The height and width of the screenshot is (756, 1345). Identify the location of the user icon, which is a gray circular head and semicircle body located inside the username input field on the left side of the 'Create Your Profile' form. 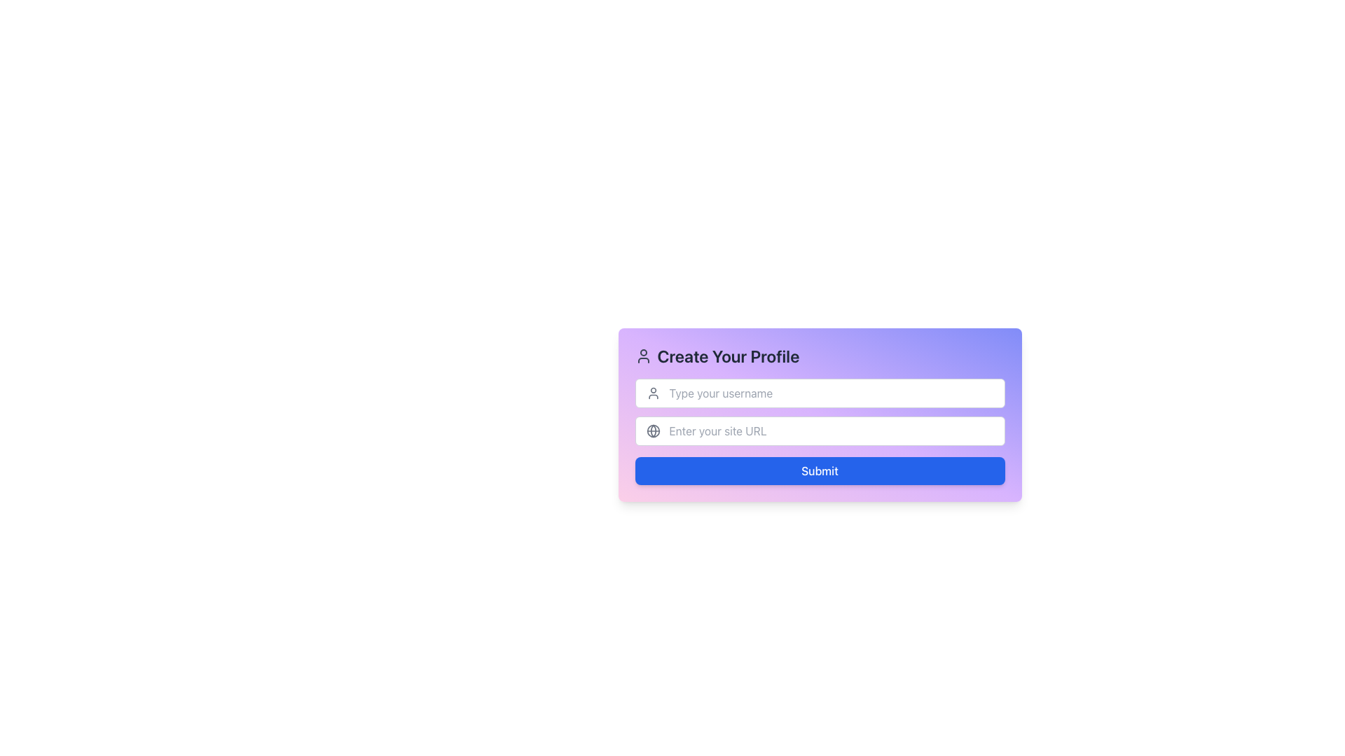
(652, 393).